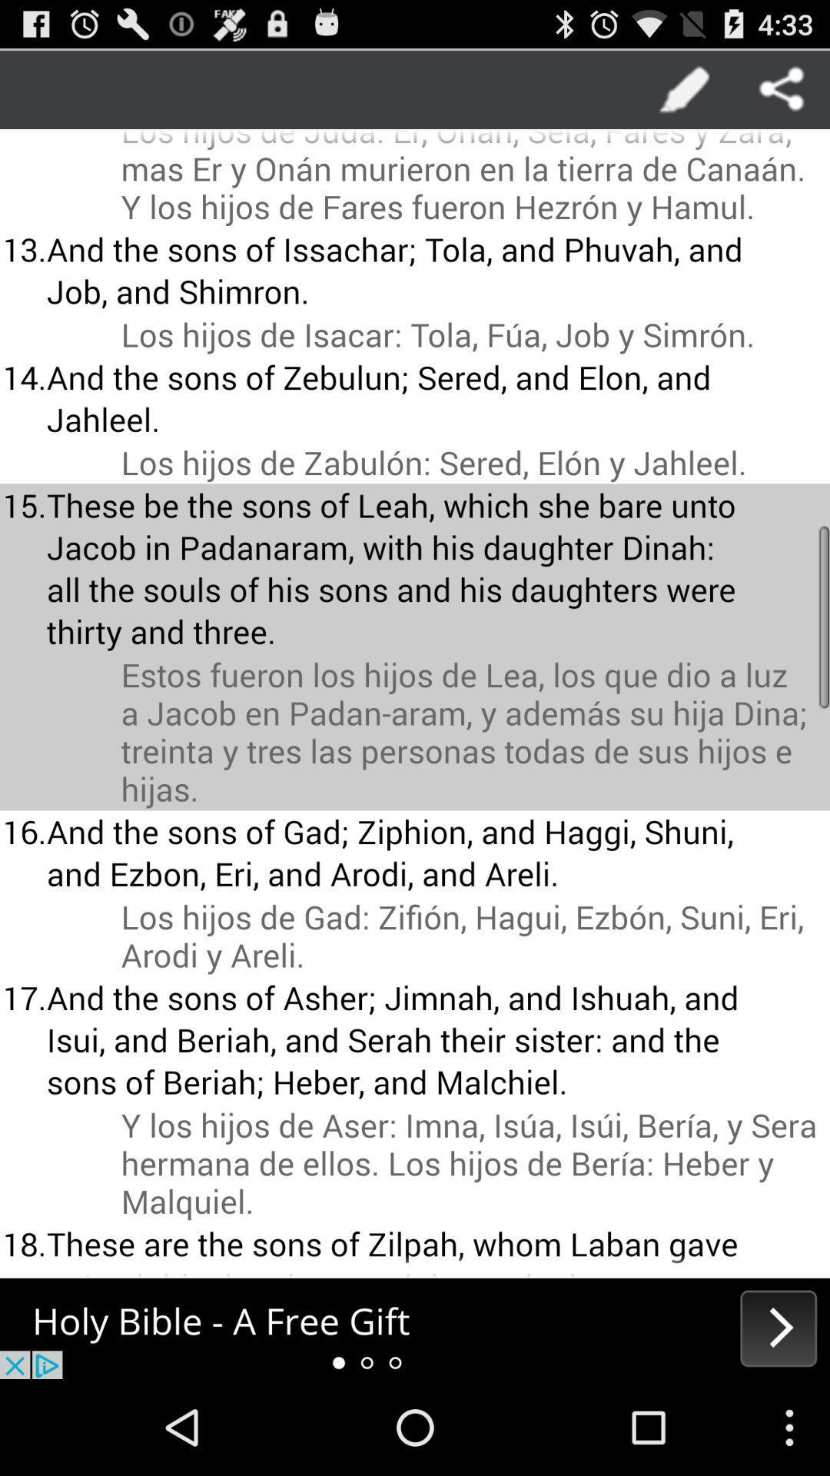 Image resolution: width=830 pixels, height=1476 pixels. What do you see at coordinates (415, 1328) in the screenshot?
I see `beginning of article` at bounding box center [415, 1328].